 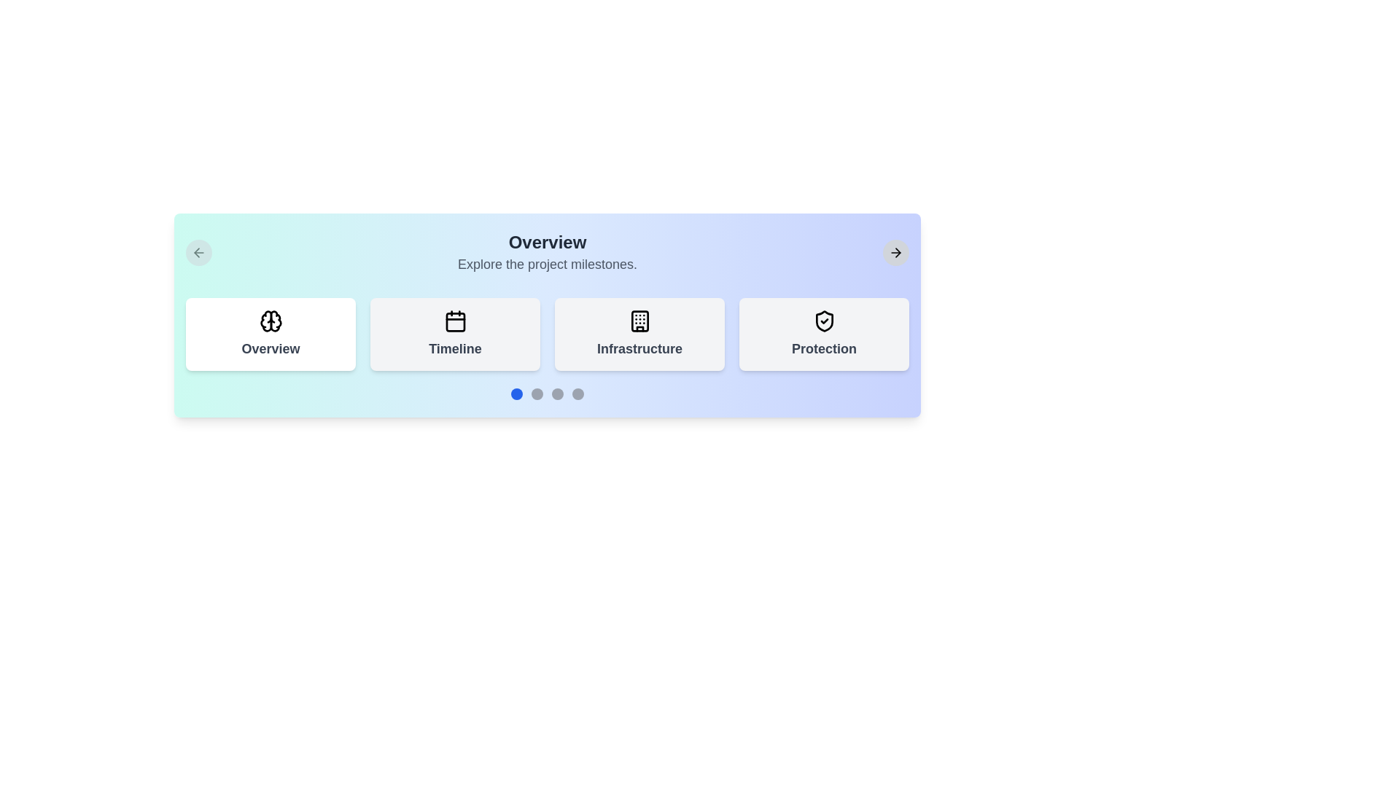 What do you see at coordinates (454, 321) in the screenshot?
I see `the decorative graphical rectangle of the calendar icon in the navigation panel, which represents the 'Timeline' option` at bounding box center [454, 321].